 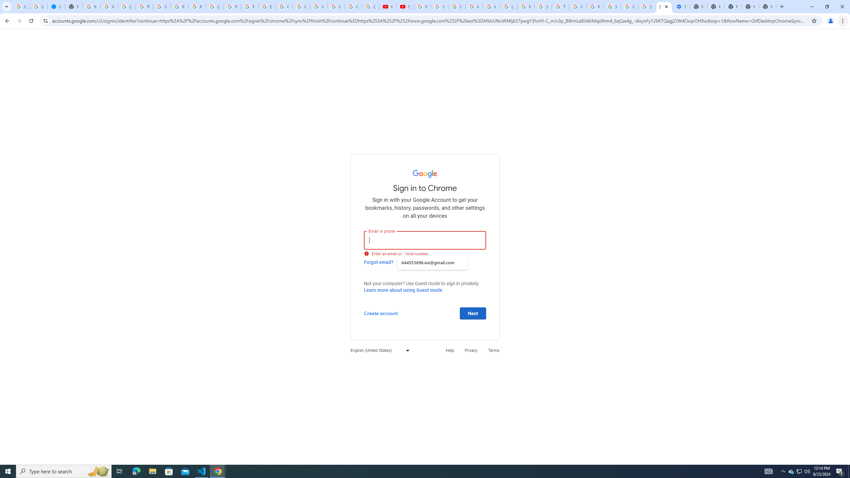 What do you see at coordinates (55, 6) in the screenshot?
I see `'USA TODAY'` at bounding box center [55, 6].